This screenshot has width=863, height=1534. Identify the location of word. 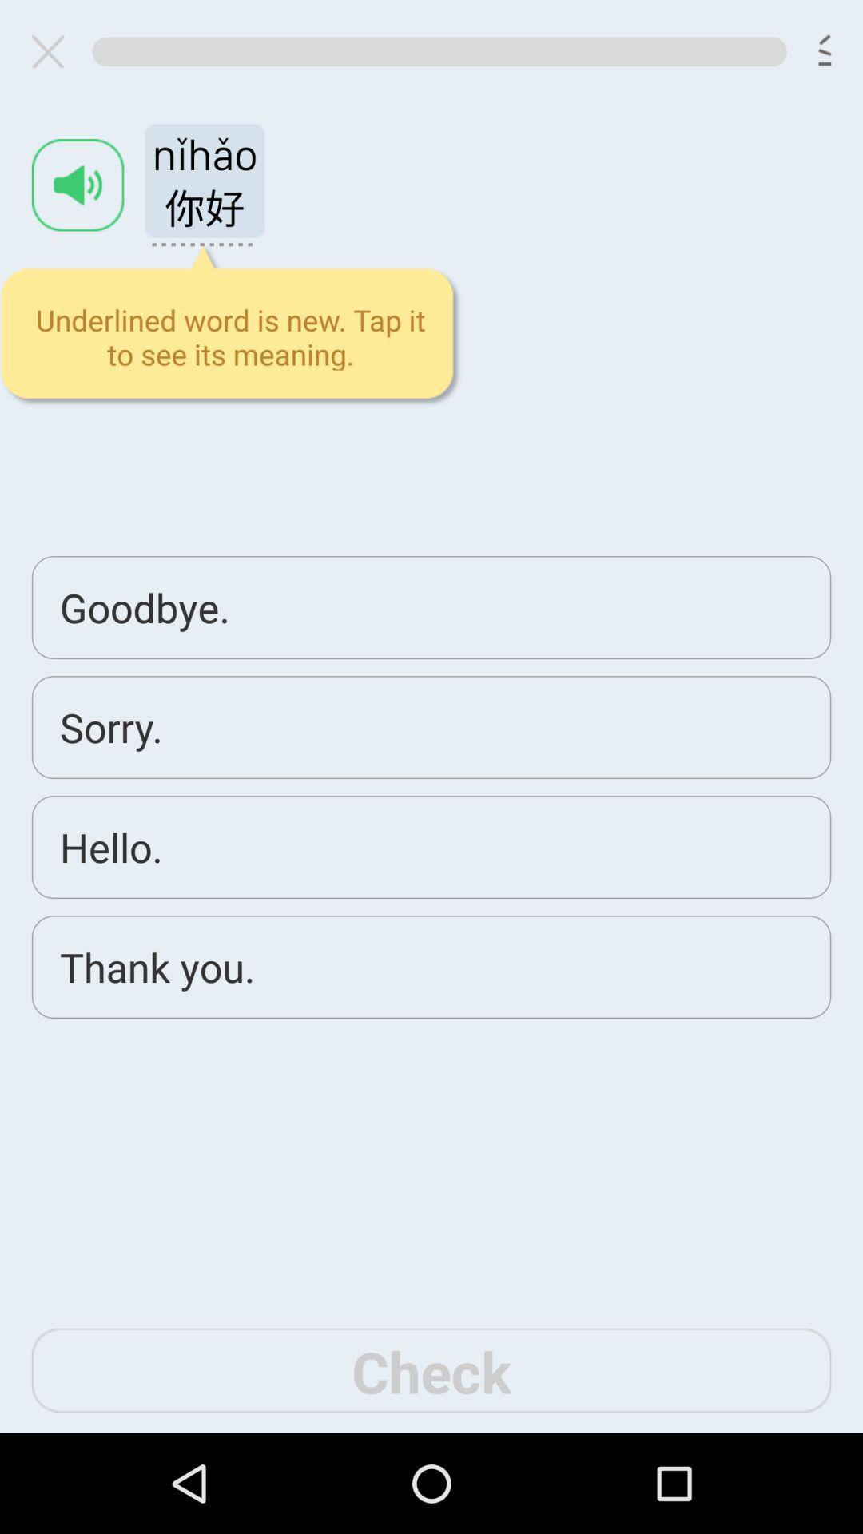
(78, 185).